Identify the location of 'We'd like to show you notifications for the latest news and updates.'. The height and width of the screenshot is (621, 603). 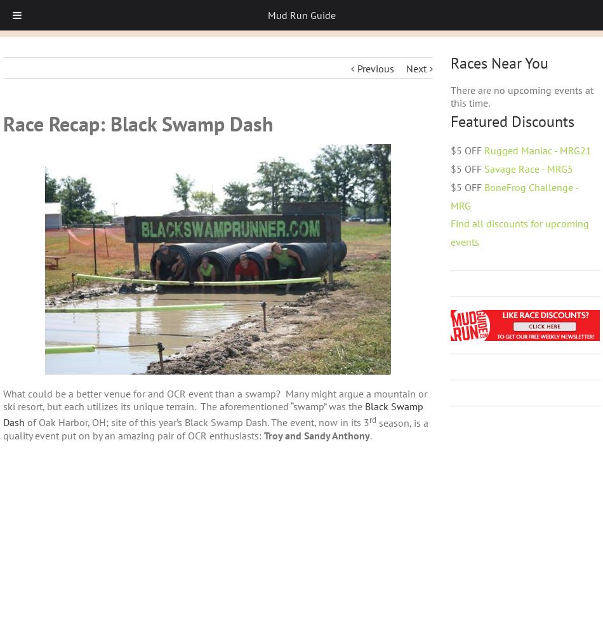
(326, 30).